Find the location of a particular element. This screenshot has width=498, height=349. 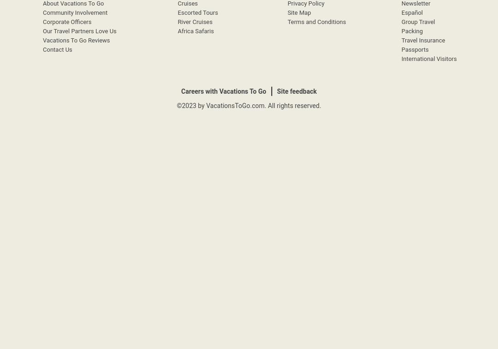

'Español' is located at coordinates (411, 12).